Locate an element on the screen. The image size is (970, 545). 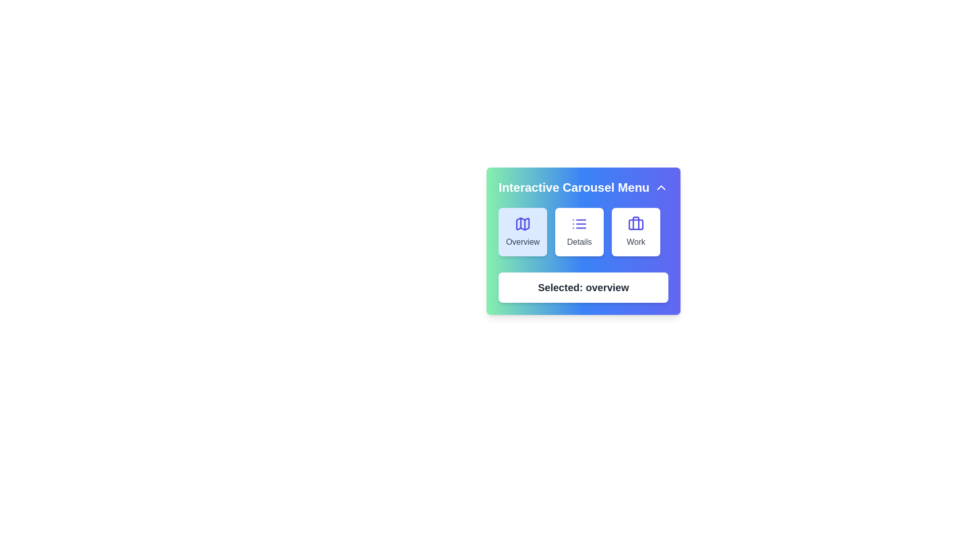
the slide corresponding to Details by clicking on its text label is located at coordinates (579, 242).